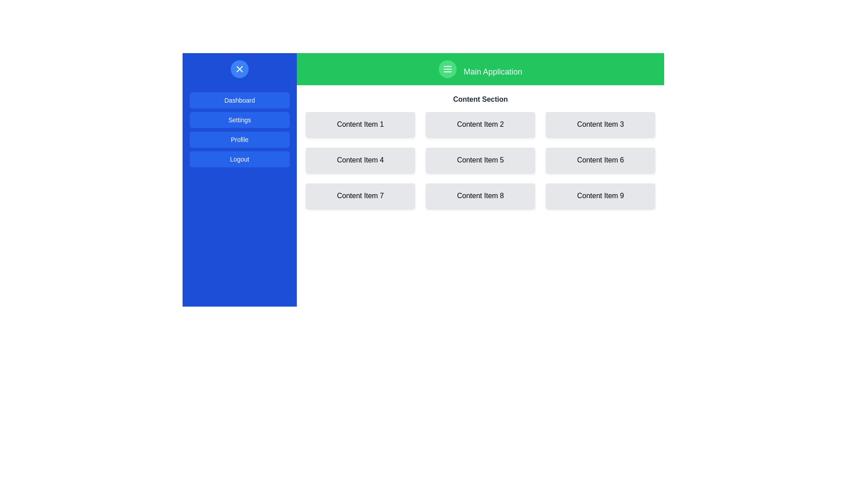  What do you see at coordinates (448, 68) in the screenshot?
I see `the navigation menu trigger button located in the top green header section, adjacent to the 'Main Application' title` at bounding box center [448, 68].